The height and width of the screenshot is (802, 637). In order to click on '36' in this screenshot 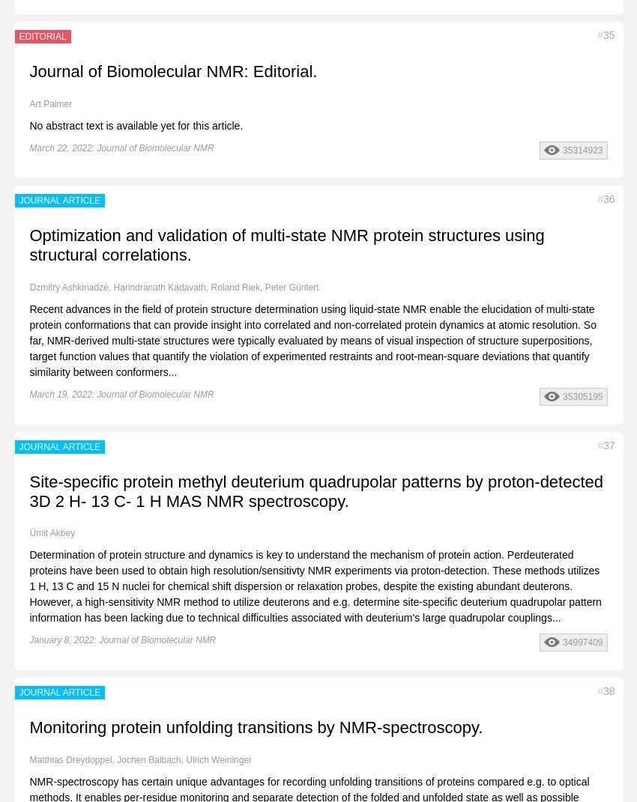, I will do `click(609, 198)`.